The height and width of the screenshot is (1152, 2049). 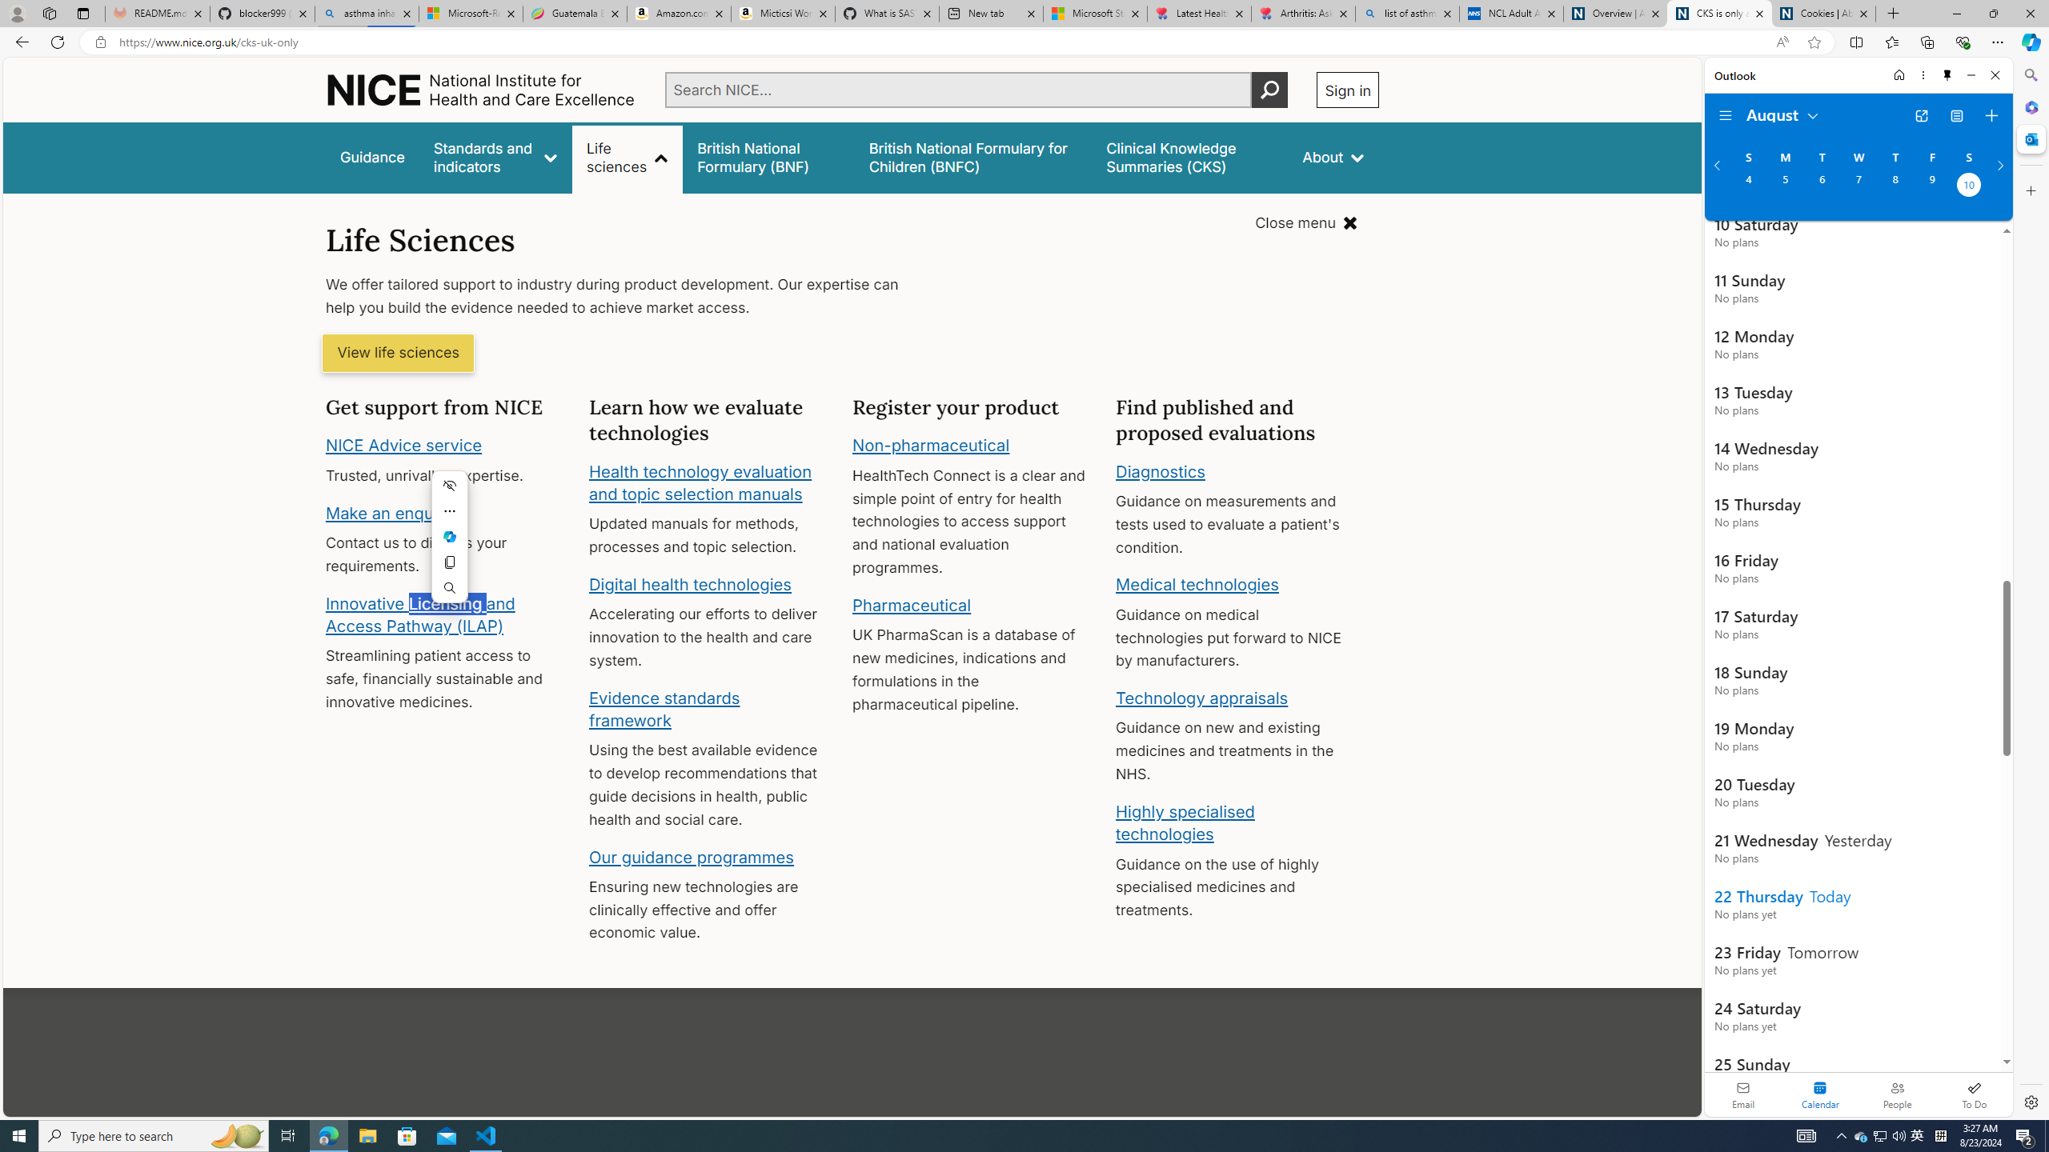 I want to click on 'Create event', so click(x=1991, y=116).